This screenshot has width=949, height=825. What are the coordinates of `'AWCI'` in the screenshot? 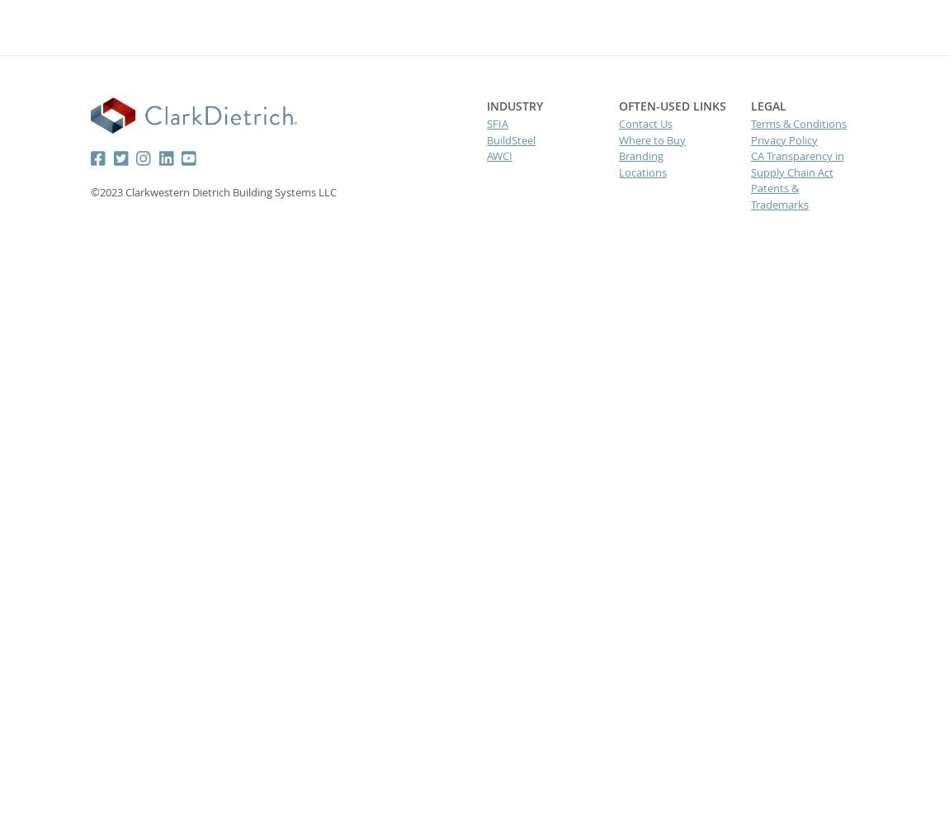 It's located at (498, 155).